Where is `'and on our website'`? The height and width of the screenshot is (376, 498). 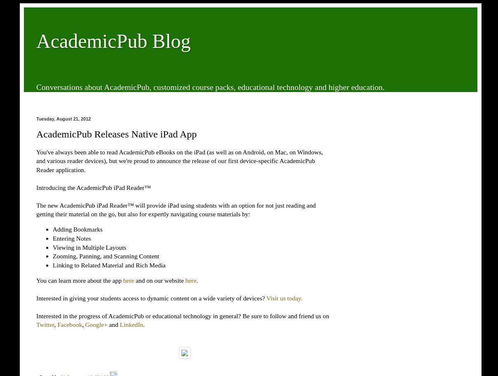
'and on our website' is located at coordinates (133, 279).